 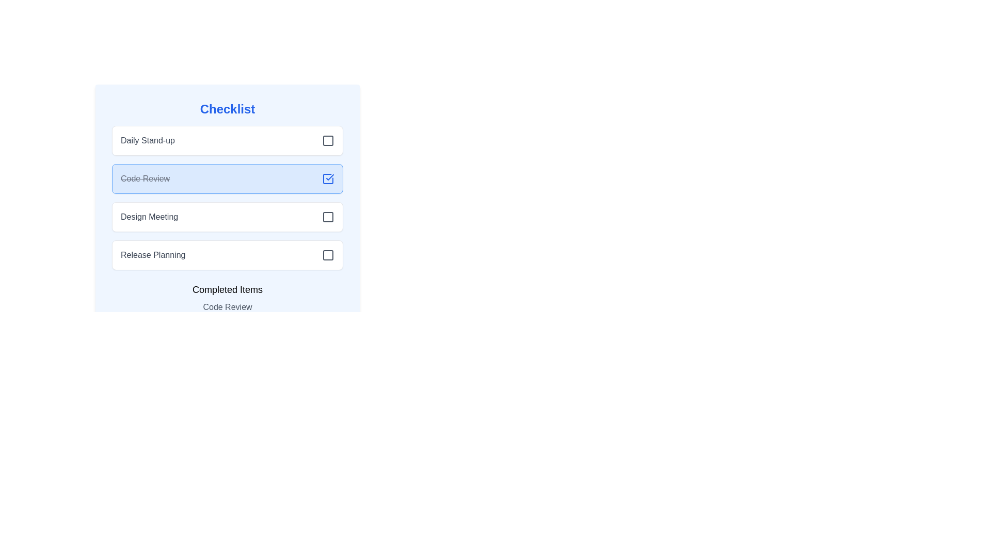 I want to click on the 'Code Review' text display element located below the 'Completed Items' header for accessibility tools, so click(x=227, y=307).